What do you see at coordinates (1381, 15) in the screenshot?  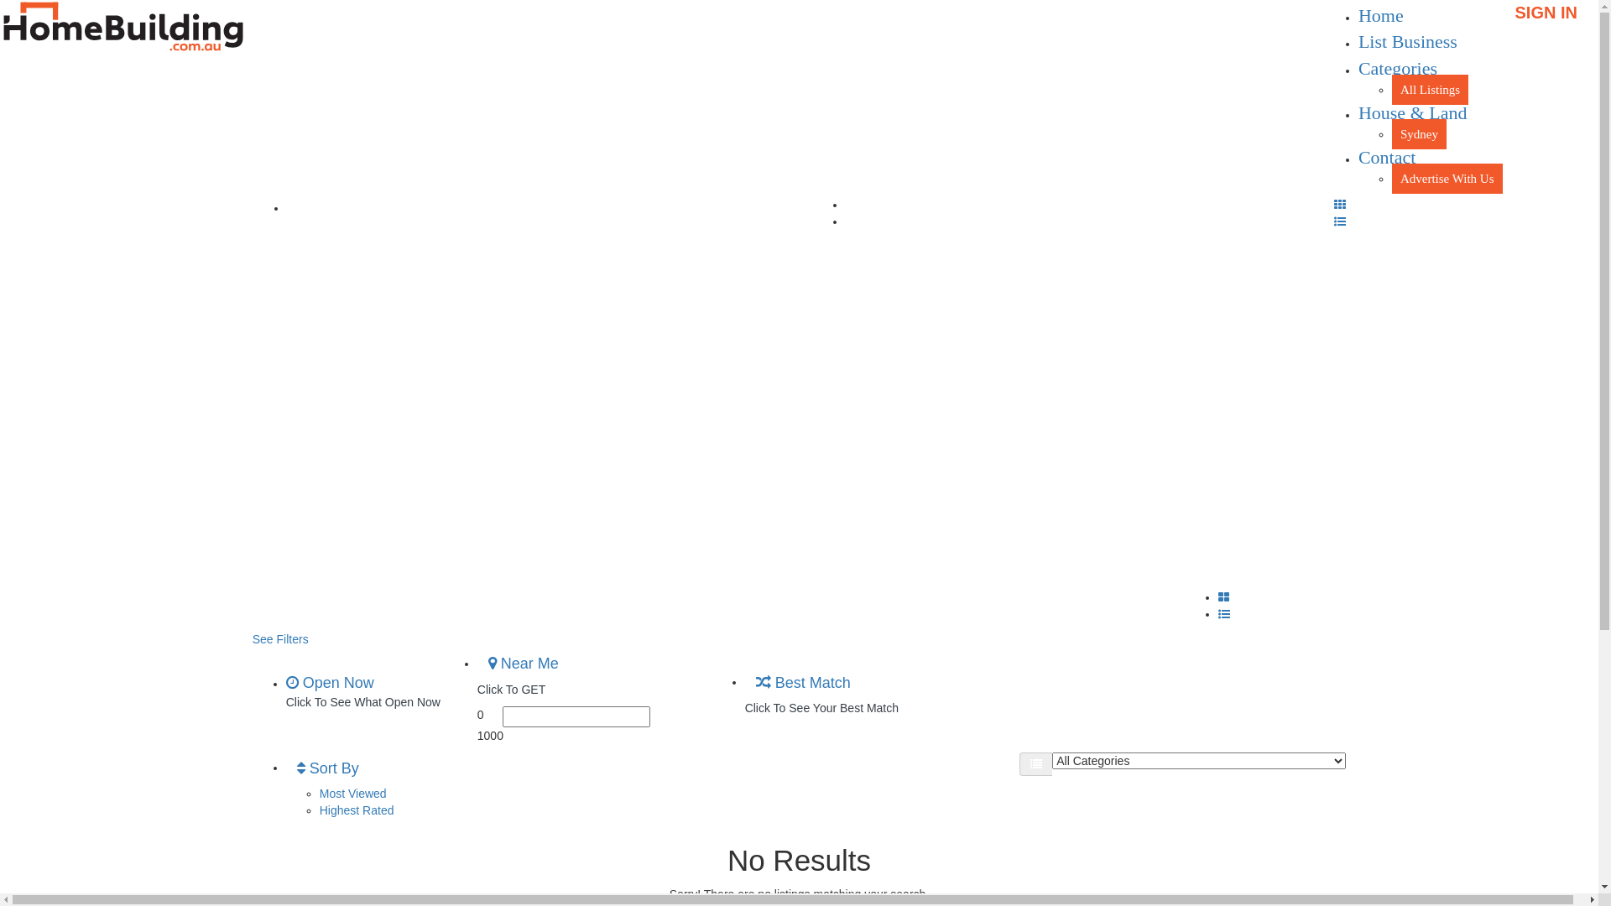 I see `'Home'` at bounding box center [1381, 15].